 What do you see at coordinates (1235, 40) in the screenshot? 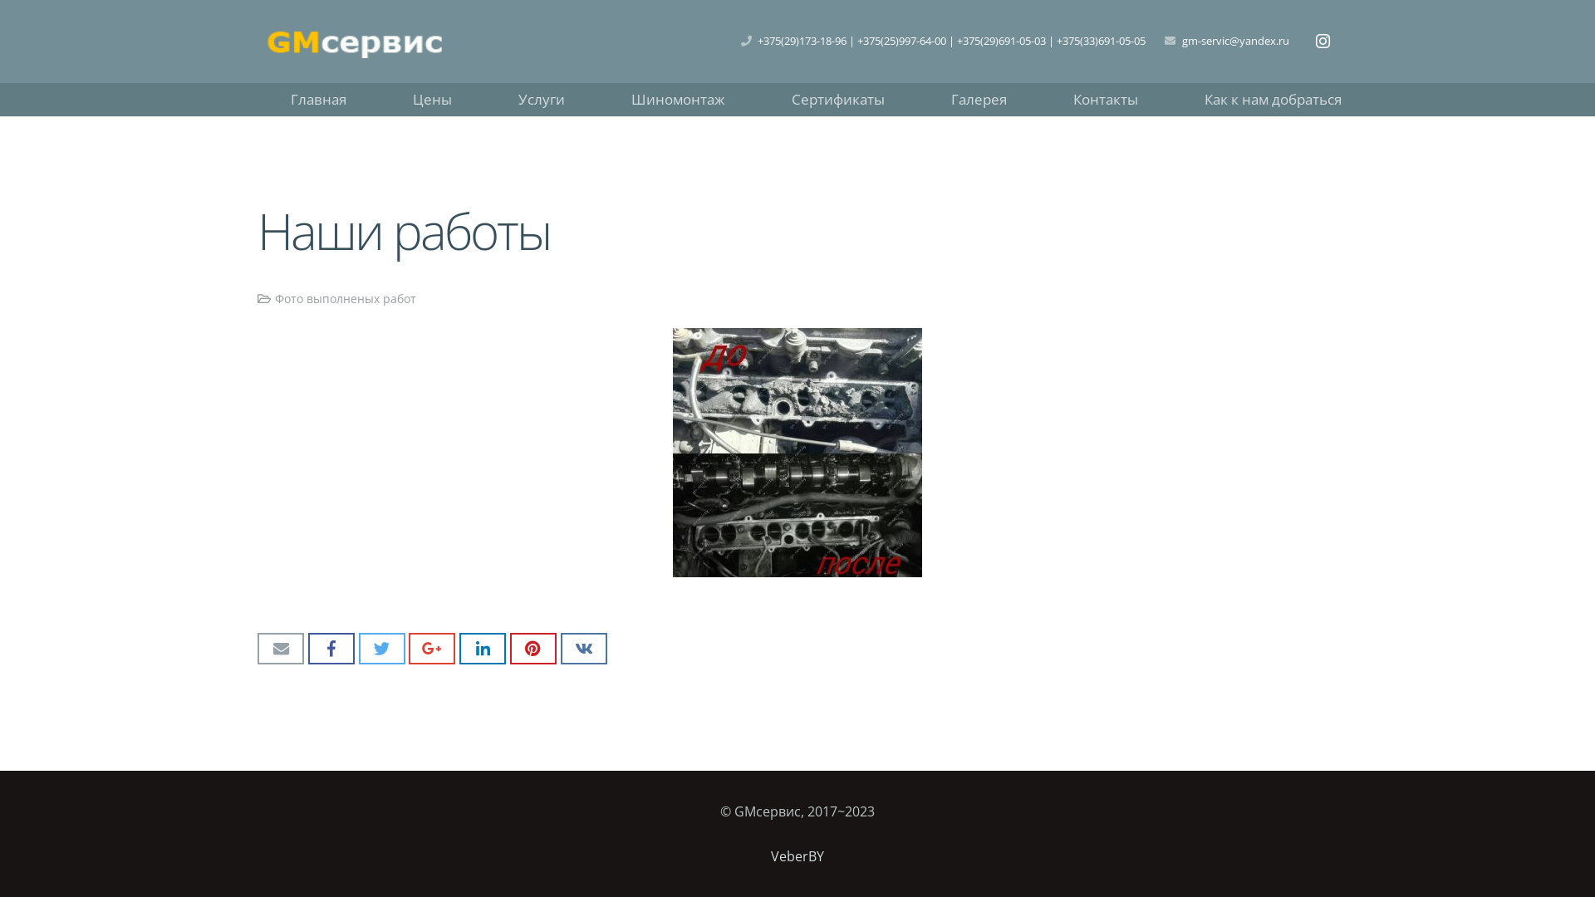
I see `'gm-servic@yandex.ru'` at bounding box center [1235, 40].